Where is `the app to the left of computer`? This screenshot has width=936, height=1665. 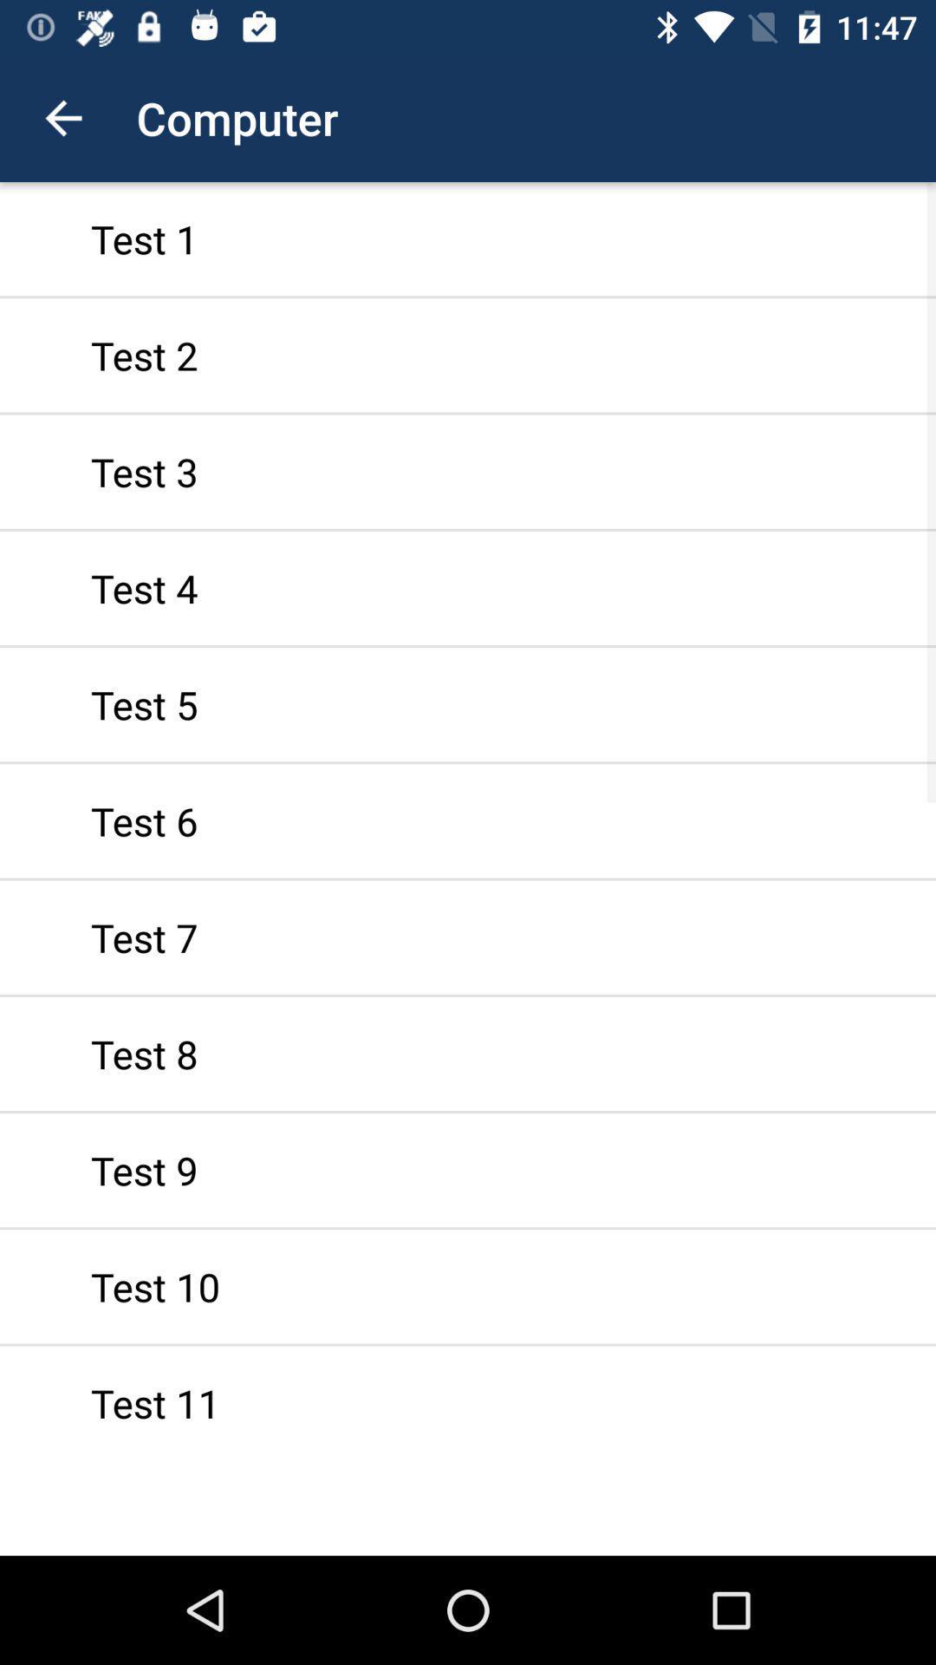
the app to the left of computer is located at coordinates (62, 117).